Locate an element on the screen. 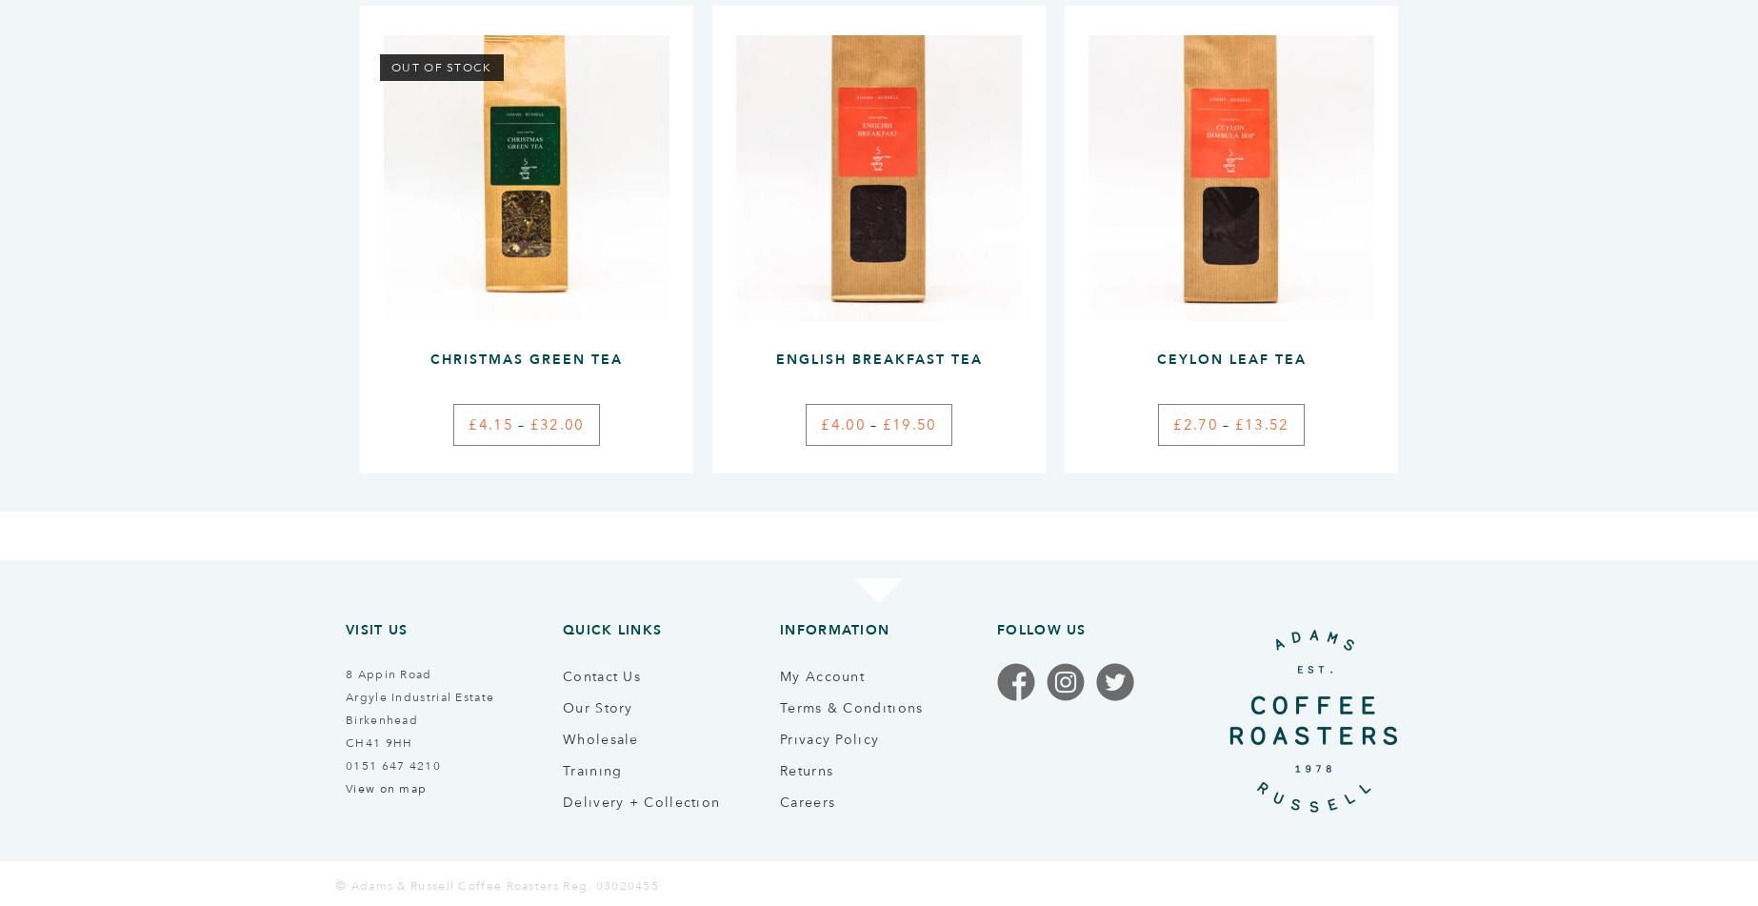 This screenshot has height=906, width=1758. 'CH41 9HH' is located at coordinates (378, 740).